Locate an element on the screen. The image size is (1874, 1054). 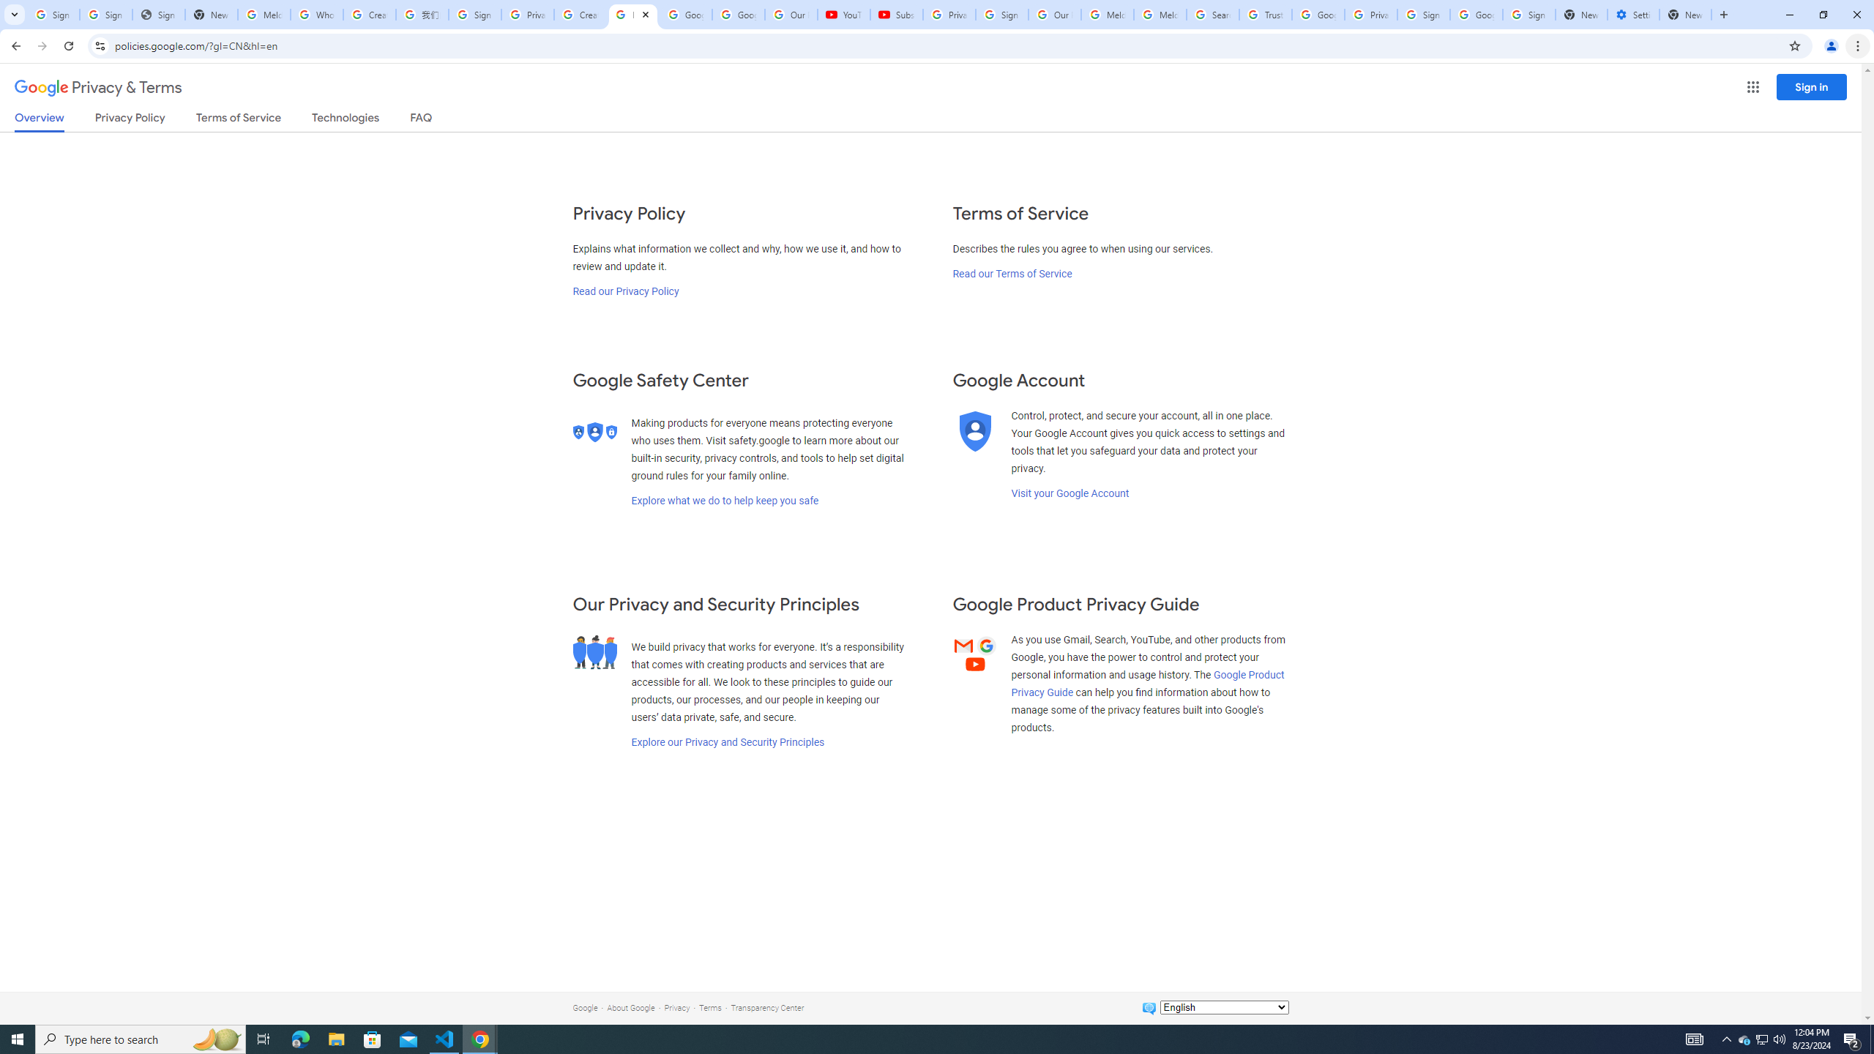
'Google' is located at coordinates (584, 1007).